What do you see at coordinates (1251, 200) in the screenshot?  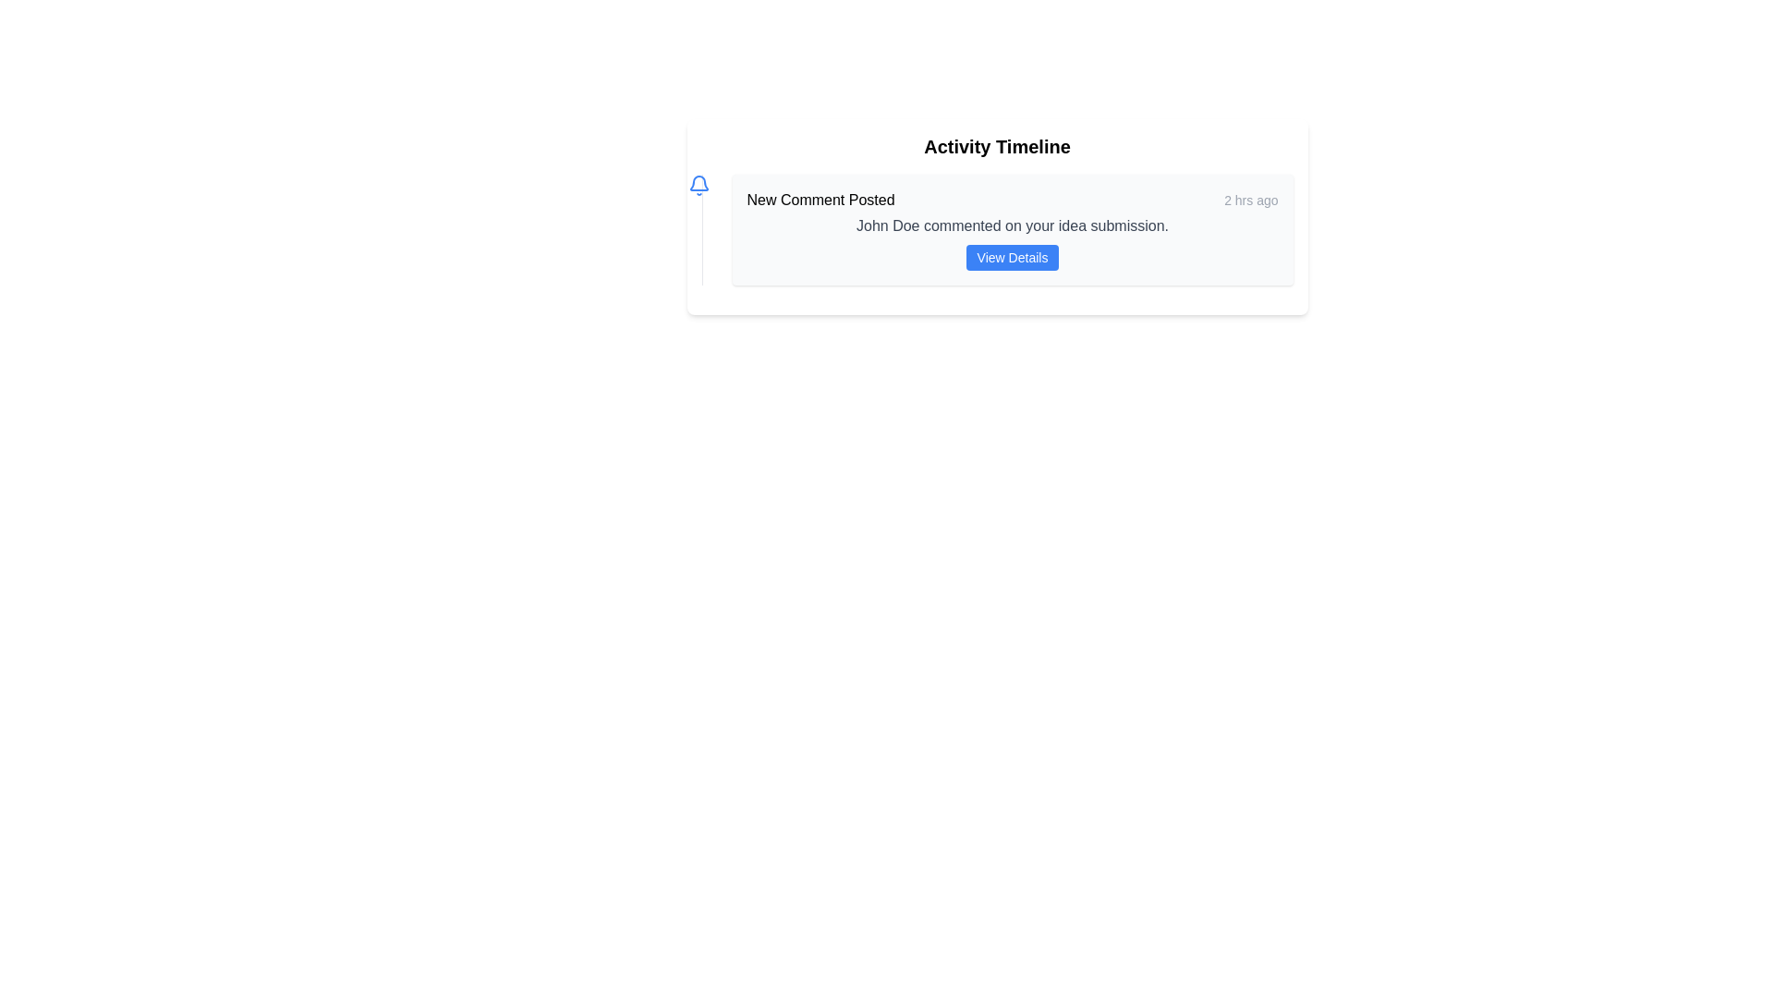 I see `the text label displaying '2 hrs ago', which is styled in light gray and positioned on the right side of the notification card` at bounding box center [1251, 200].